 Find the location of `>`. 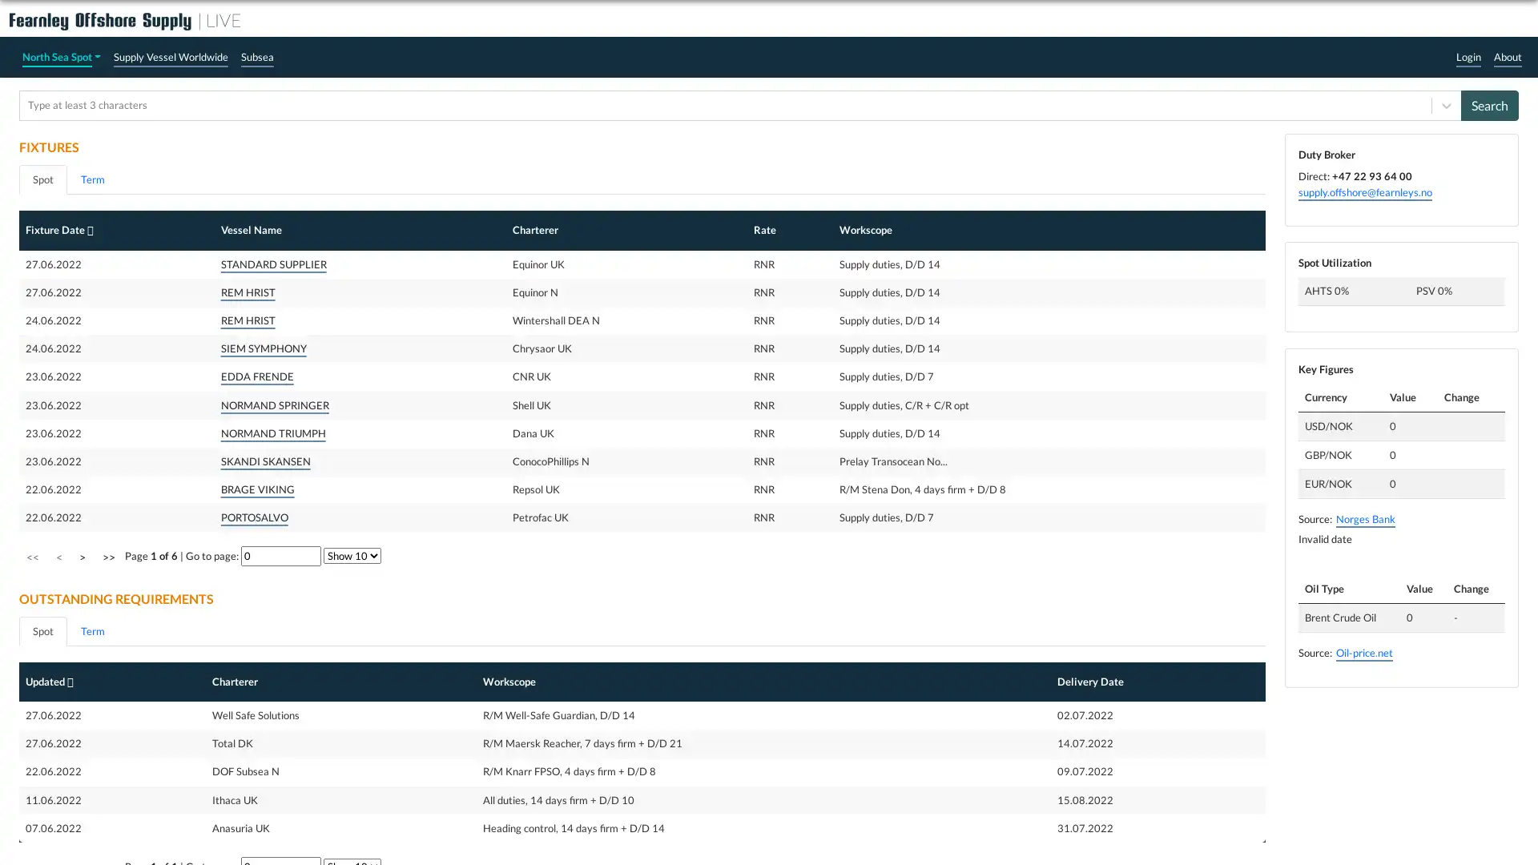

> is located at coordinates (81, 556).